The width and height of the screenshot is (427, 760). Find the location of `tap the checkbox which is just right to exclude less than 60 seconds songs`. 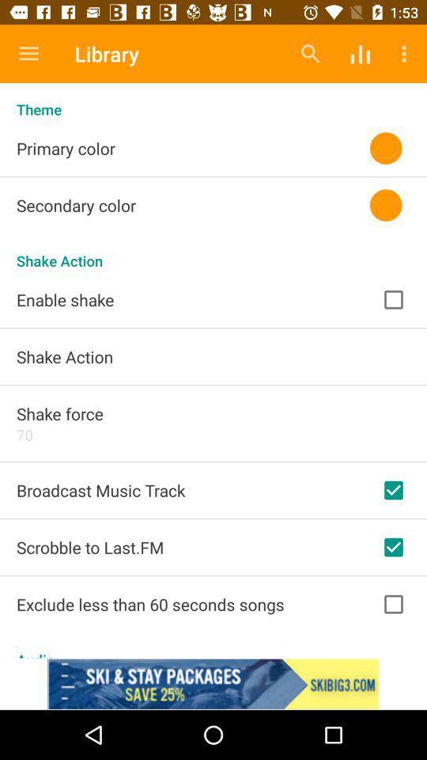

tap the checkbox which is just right to exclude less than 60 seconds songs is located at coordinates (392, 603).